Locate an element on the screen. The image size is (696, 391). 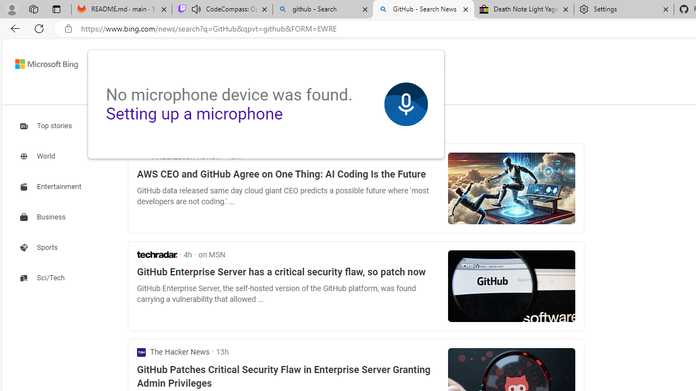
'Search news about Top stories' is located at coordinates (47, 125).